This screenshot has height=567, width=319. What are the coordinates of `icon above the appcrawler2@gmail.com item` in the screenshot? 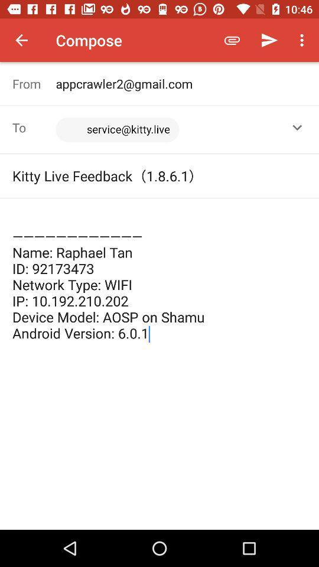 It's located at (303, 40).